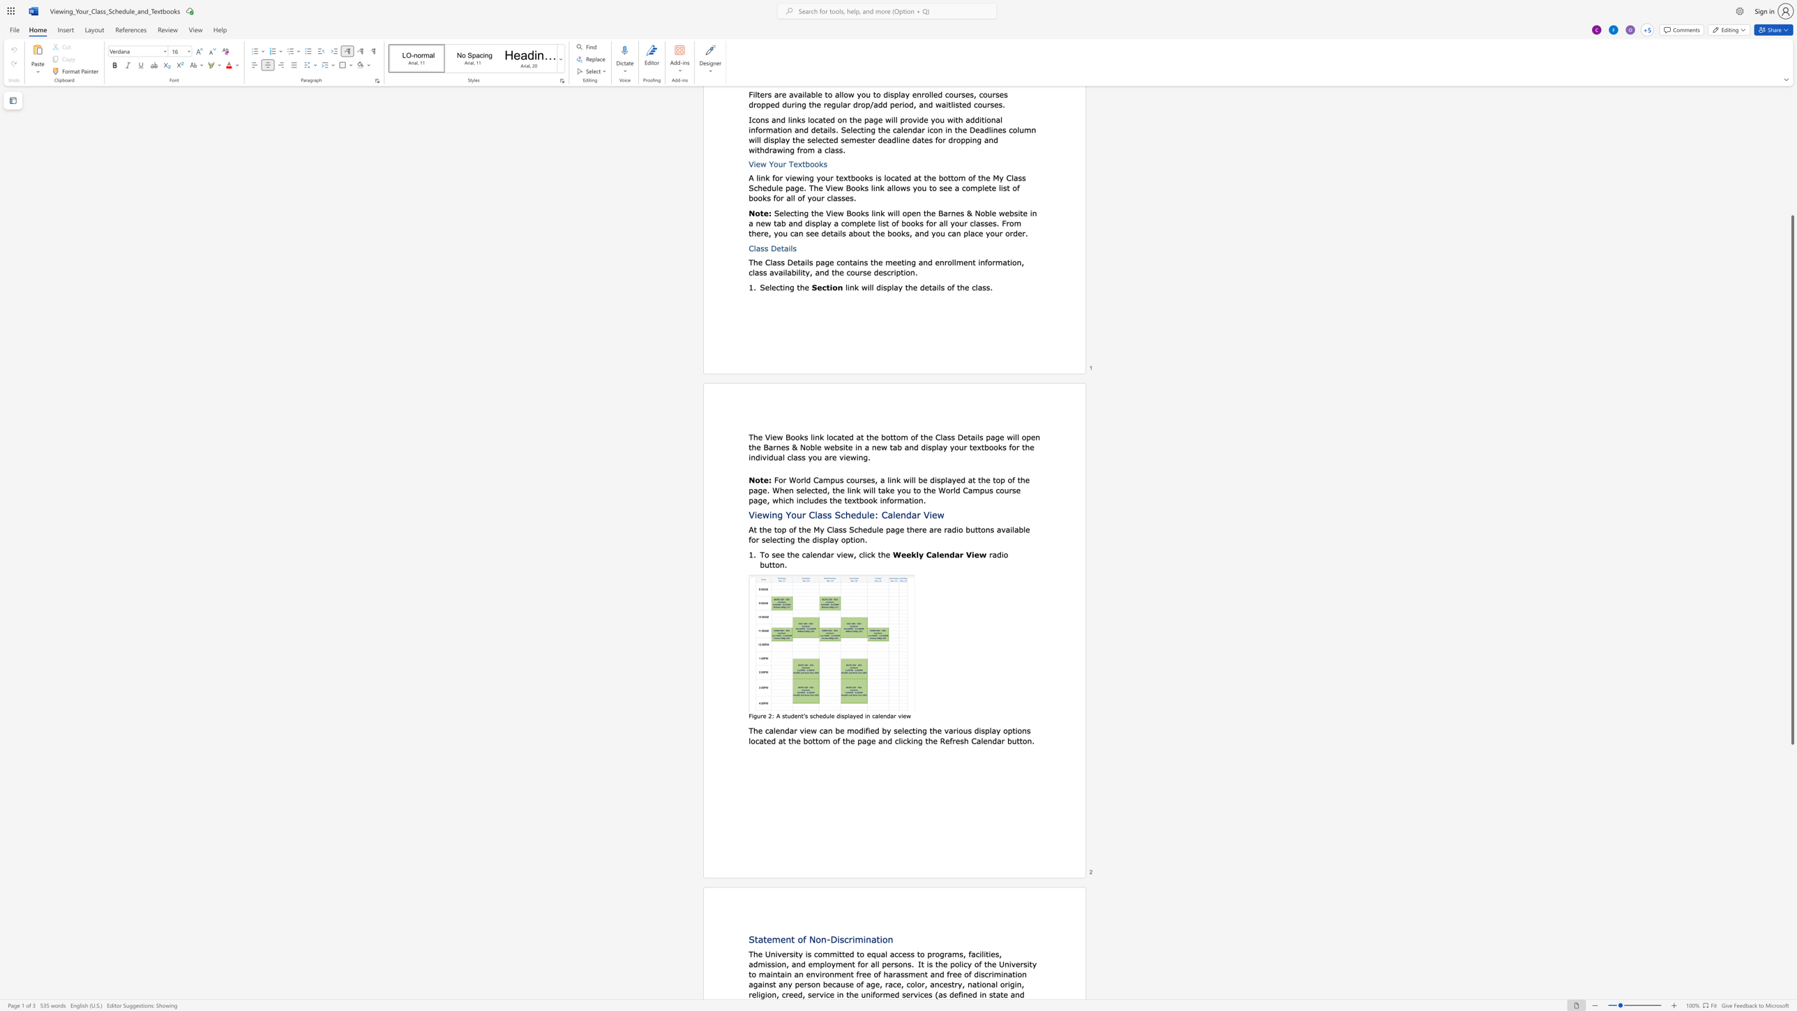 The height and width of the screenshot is (1011, 1797). I want to click on the scrollbar to scroll upward, so click(1791, 135).